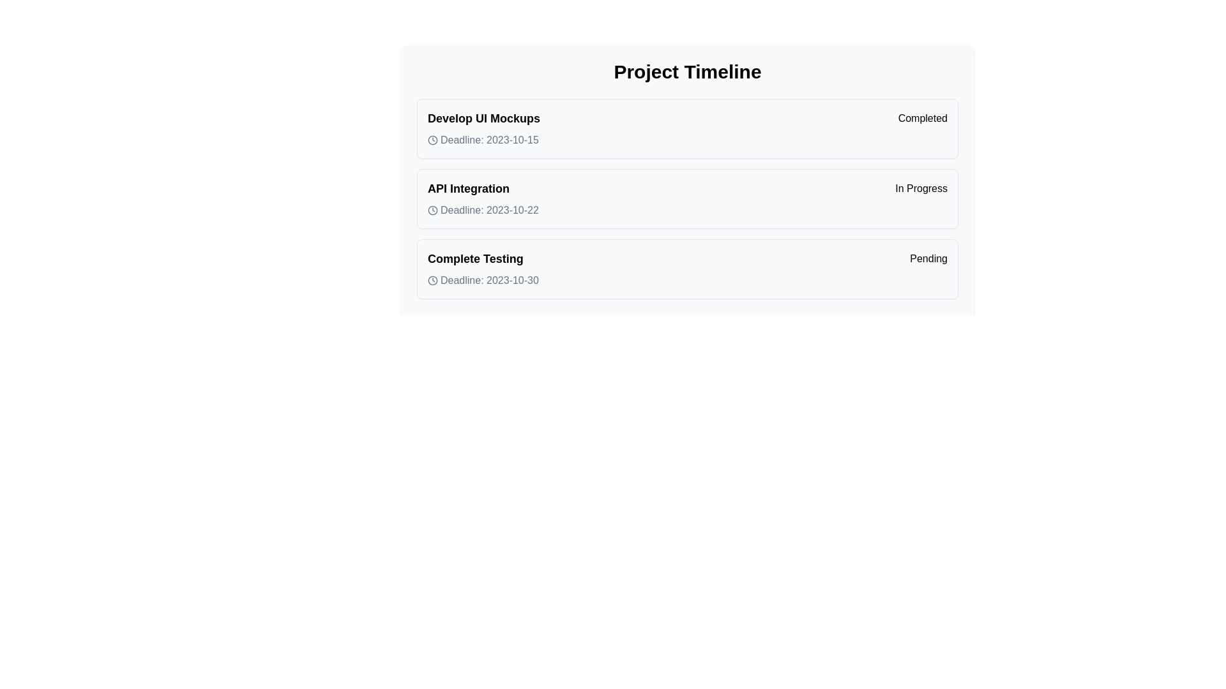 Image resolution: width=1226 pixels, height=689 pixels. I want to click on the 'Completed' badge, which is a bold and highlighted text label indicating a status, located to the right of the 'Develop UI Mockups' task title in the first entry of the vertical task list, so click(923, 118).